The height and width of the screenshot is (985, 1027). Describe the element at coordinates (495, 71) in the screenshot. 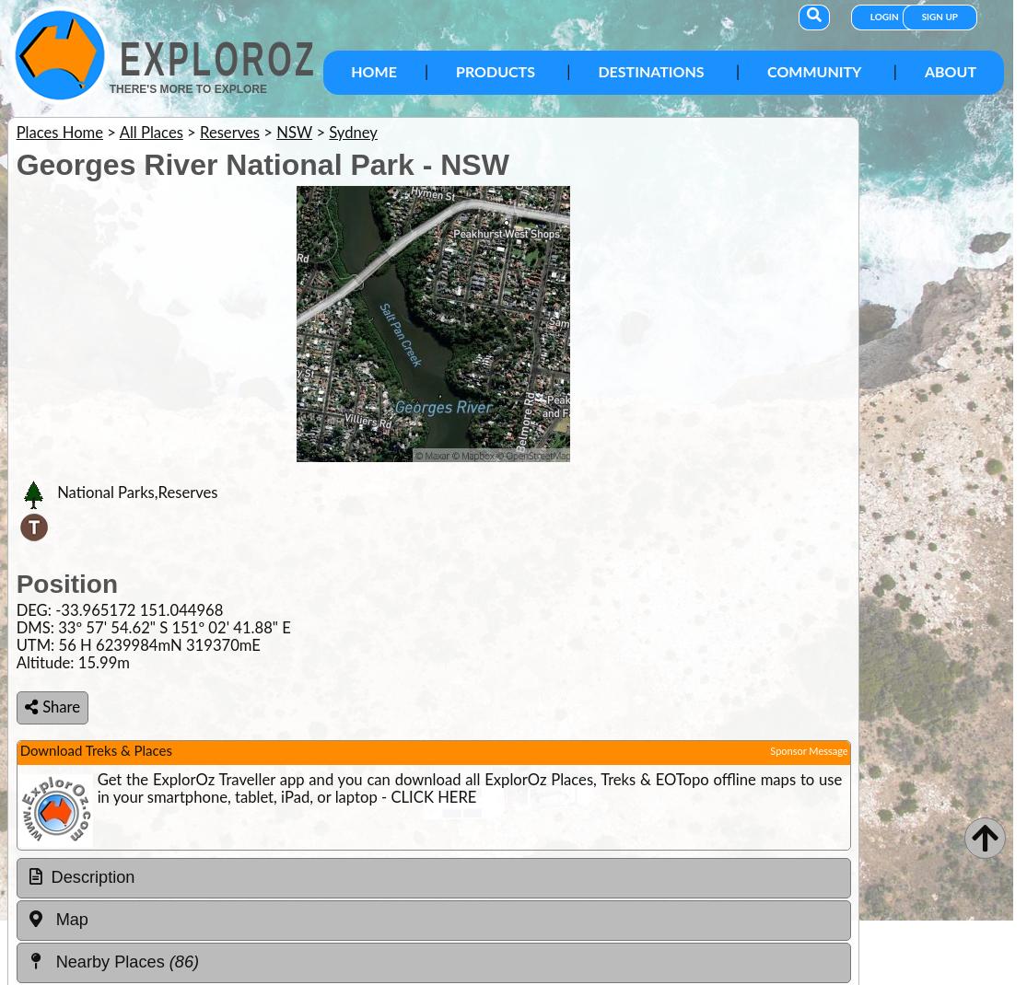

I see `'Products'` at that location.